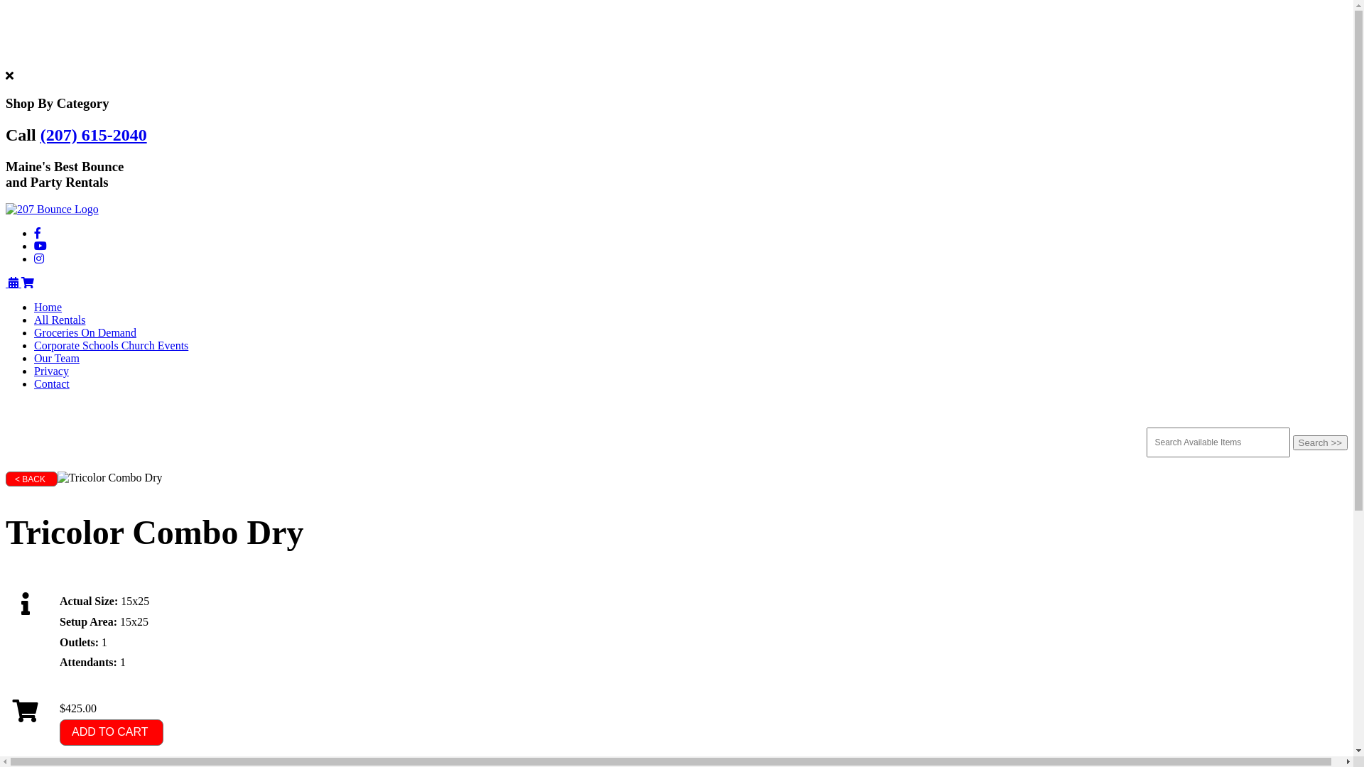  Describe the element at coordinates (48, 306) in the screenshot. I see `'Home'` at that location.